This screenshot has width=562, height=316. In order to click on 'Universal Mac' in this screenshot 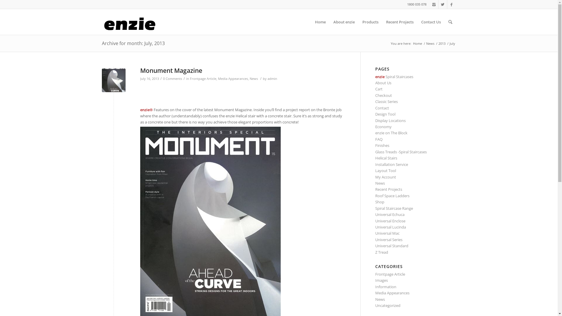, I will do `click(387, 233)`.